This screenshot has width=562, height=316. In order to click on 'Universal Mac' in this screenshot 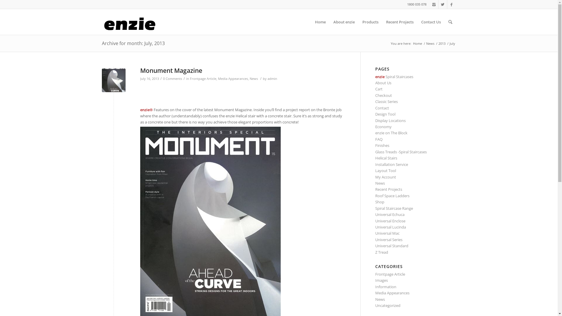, I will do `click(387, 233)`.